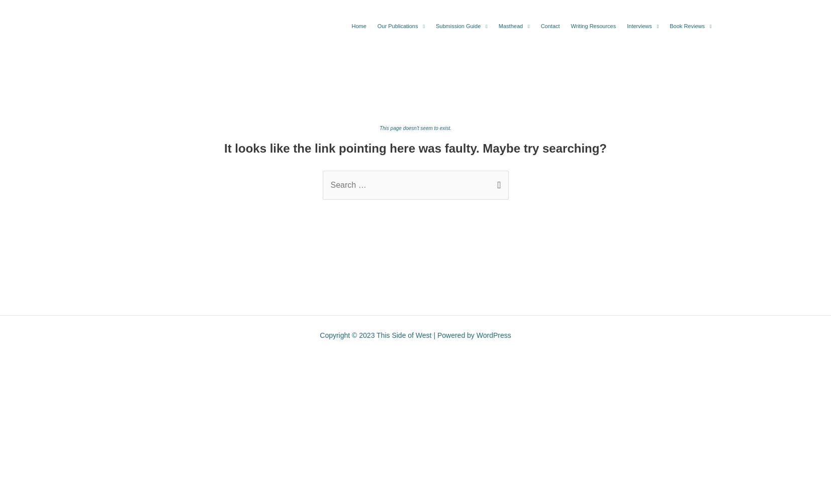 The height and width of the screenshot is (502, 831). I want to click on 'This page doesn't seem to exist.', so click(415, 128).